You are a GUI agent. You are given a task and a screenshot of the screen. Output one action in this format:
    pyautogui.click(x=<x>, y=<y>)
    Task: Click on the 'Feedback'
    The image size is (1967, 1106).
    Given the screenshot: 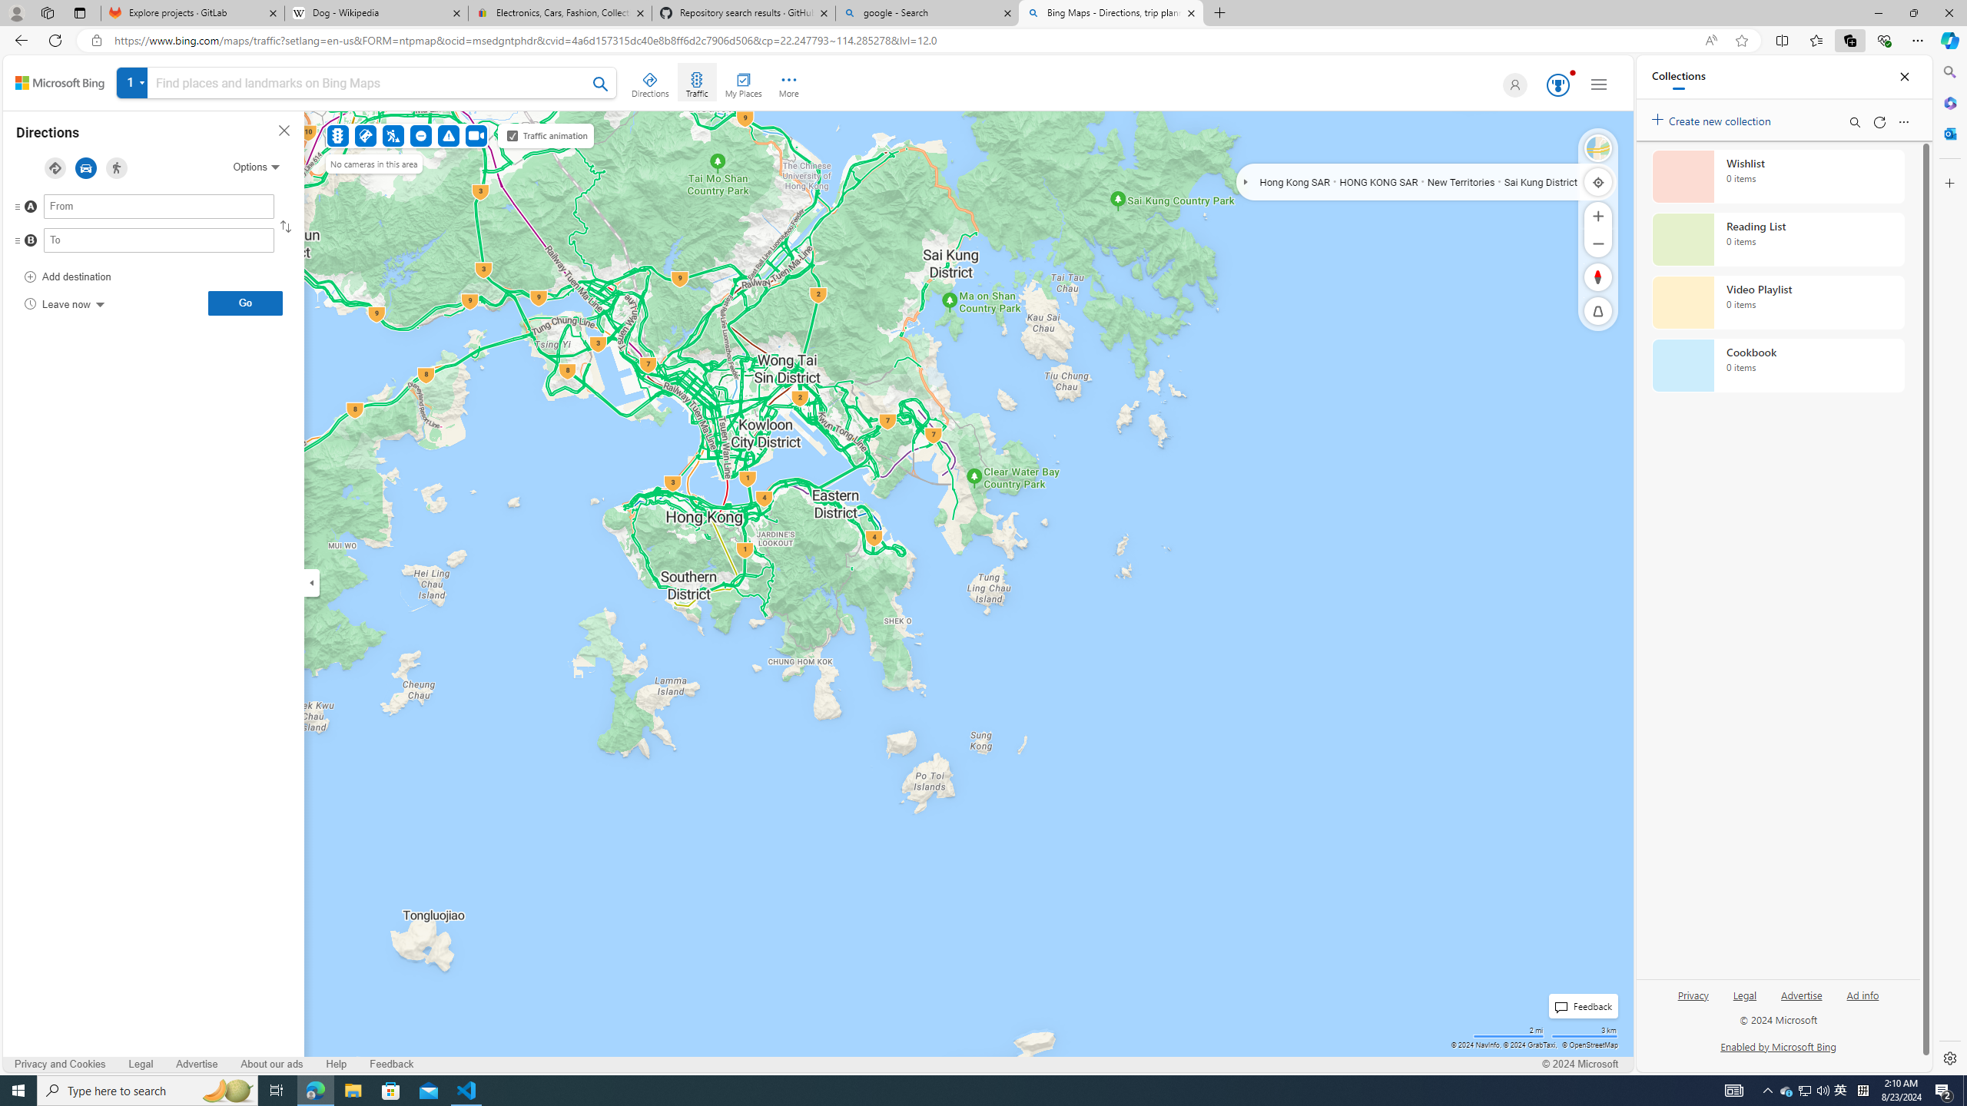 What is the action you would take?
    pyautogui.click(x=391, y=1064)
    